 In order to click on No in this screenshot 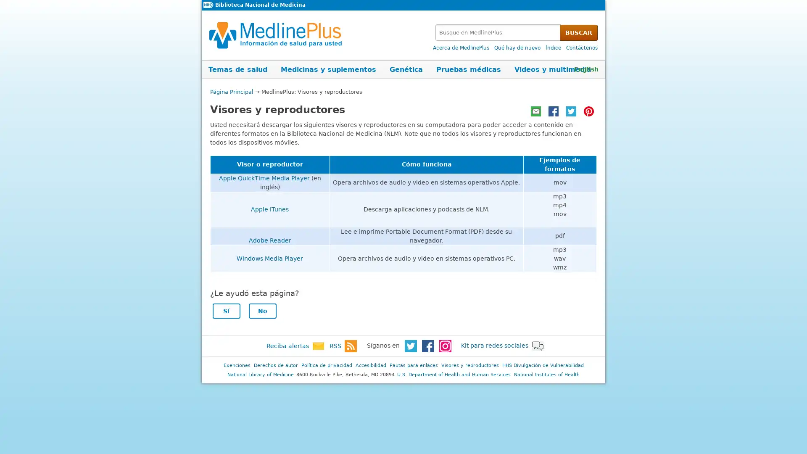, I will do `click(262, 311)`.